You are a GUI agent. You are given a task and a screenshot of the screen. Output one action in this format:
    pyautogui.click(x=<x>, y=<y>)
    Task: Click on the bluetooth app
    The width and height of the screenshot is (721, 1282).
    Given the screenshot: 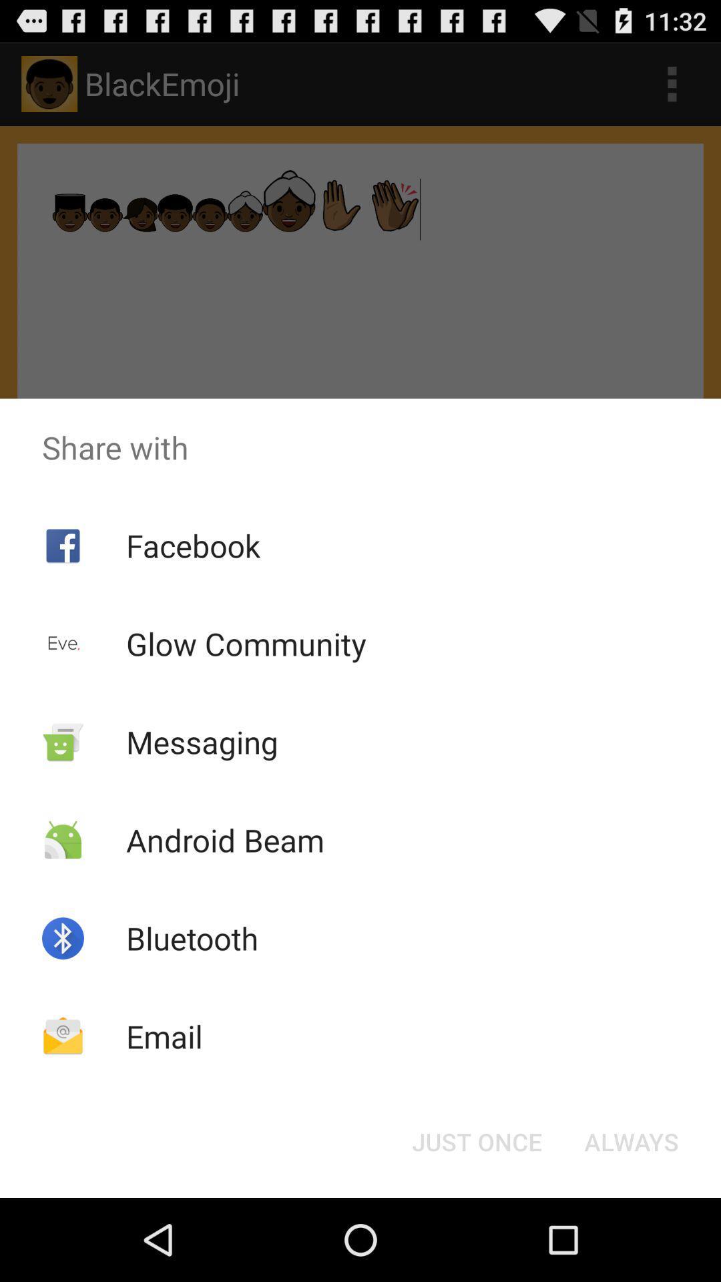 What is the action you would take?
    pyautogui.click(x=192, y=937)
    